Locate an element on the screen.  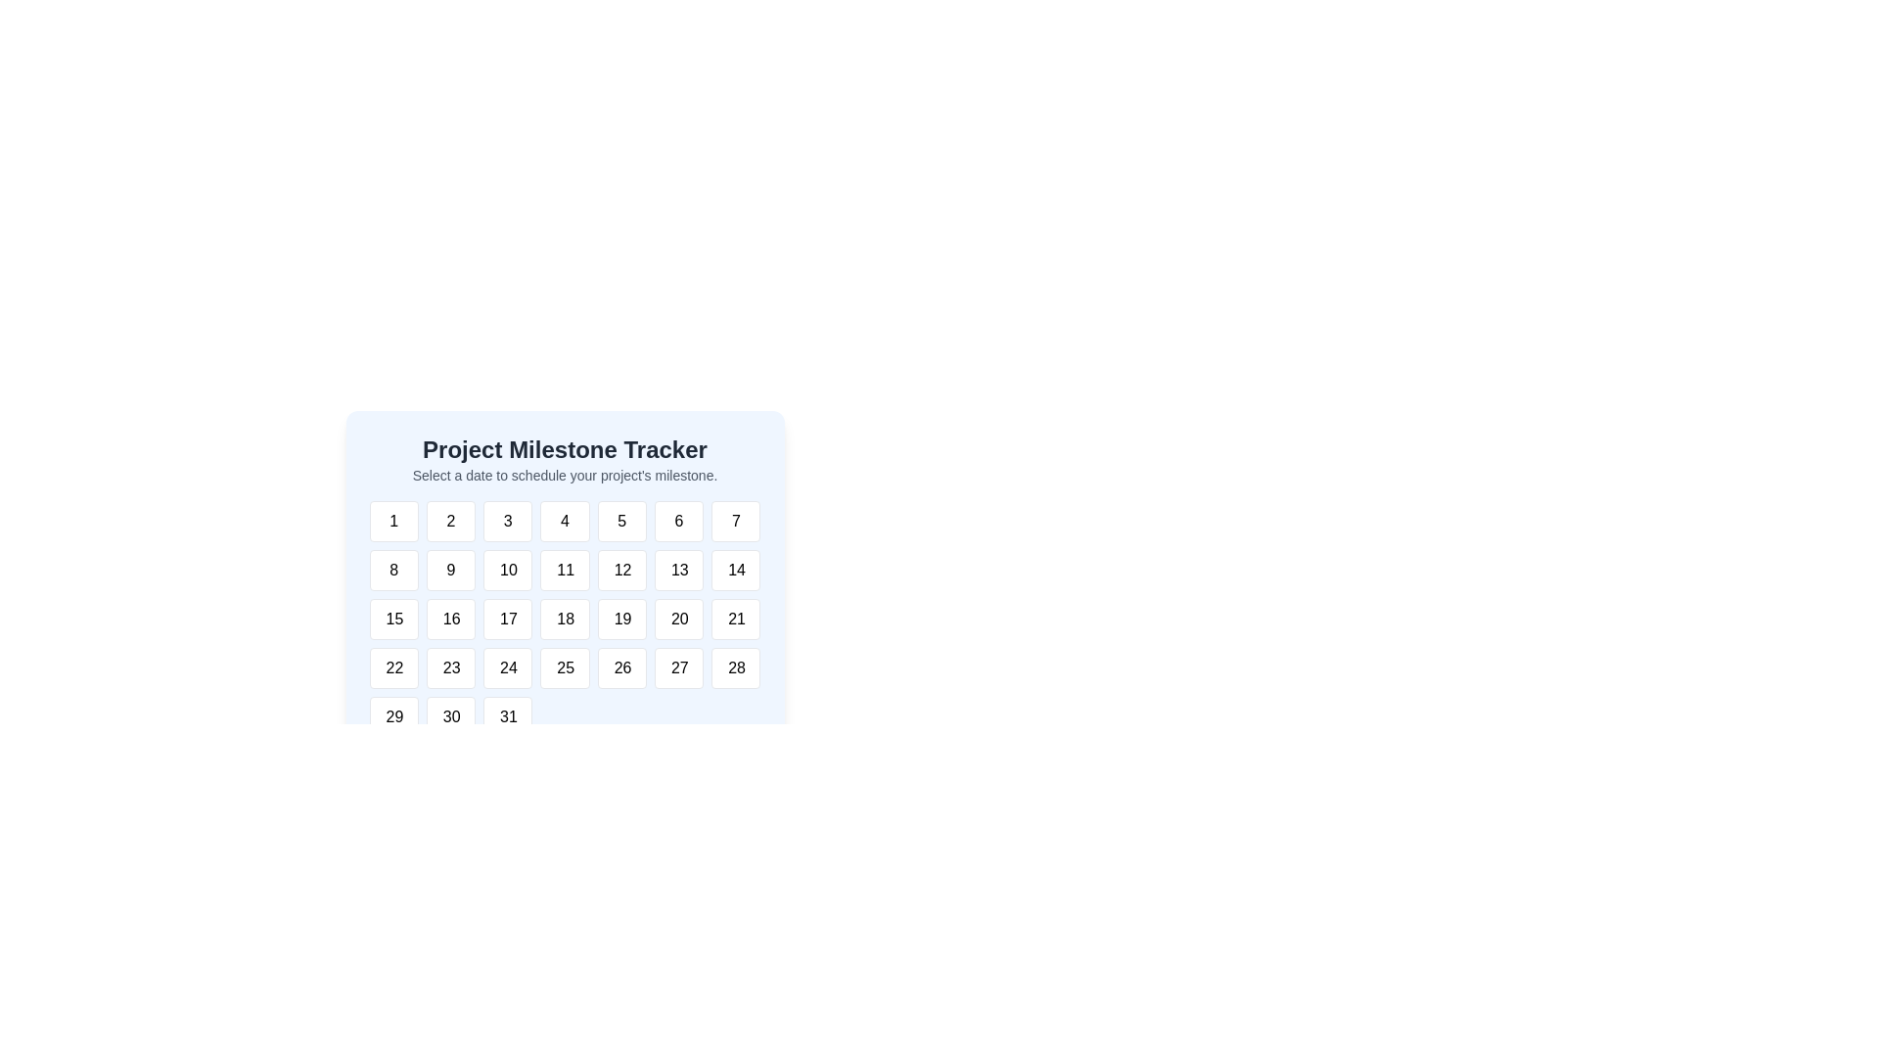
the button displaying the number '10' is located at coordinates (508, 570).